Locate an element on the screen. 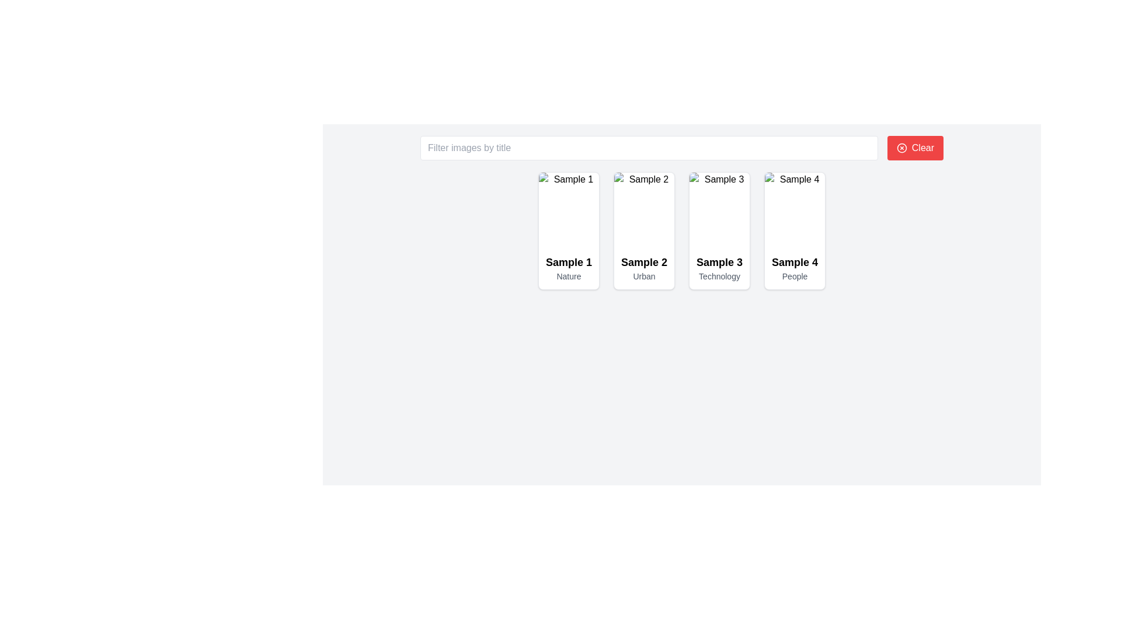  the Text Display element which shows 'Sample 3' in bold and larger font with 'Technology' in smaller grayish text, positioned centrally below an image labeled 'Sample 3' is located at coordinates (719, 268).